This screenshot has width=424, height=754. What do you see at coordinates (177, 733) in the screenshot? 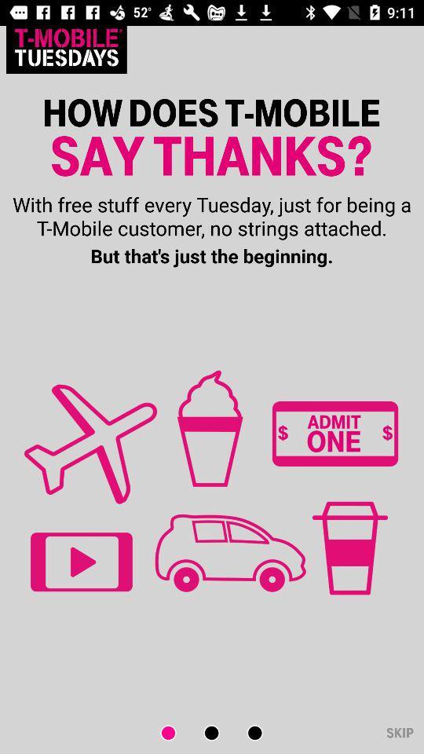
I see `movement indicator` at bounding box center [177, 733].